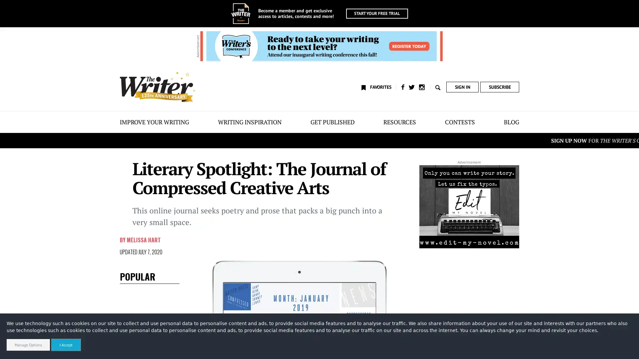 The height and width of the screenshot is (359, 639). What do you see at coordinates (436, 87) in the screenshot?
I see `Toggle search form` at bounding box center [436, 87].